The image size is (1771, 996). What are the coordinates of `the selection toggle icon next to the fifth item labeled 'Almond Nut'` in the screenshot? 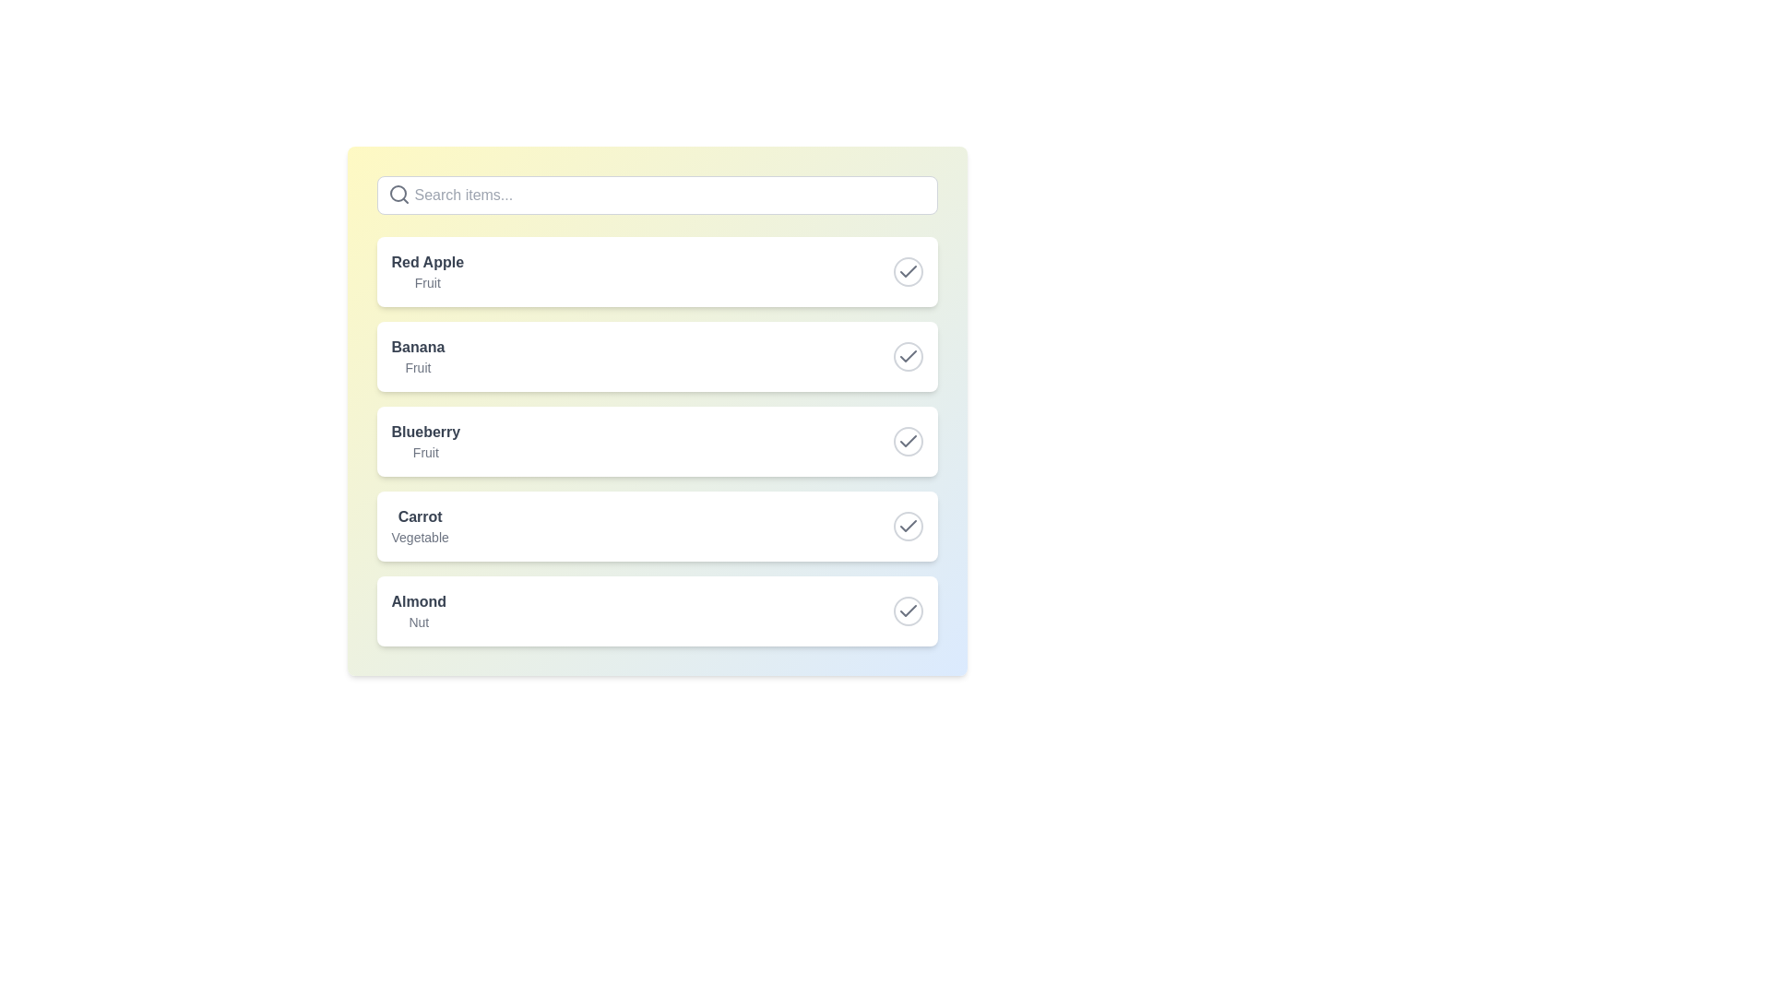 It's located at (908, 611).